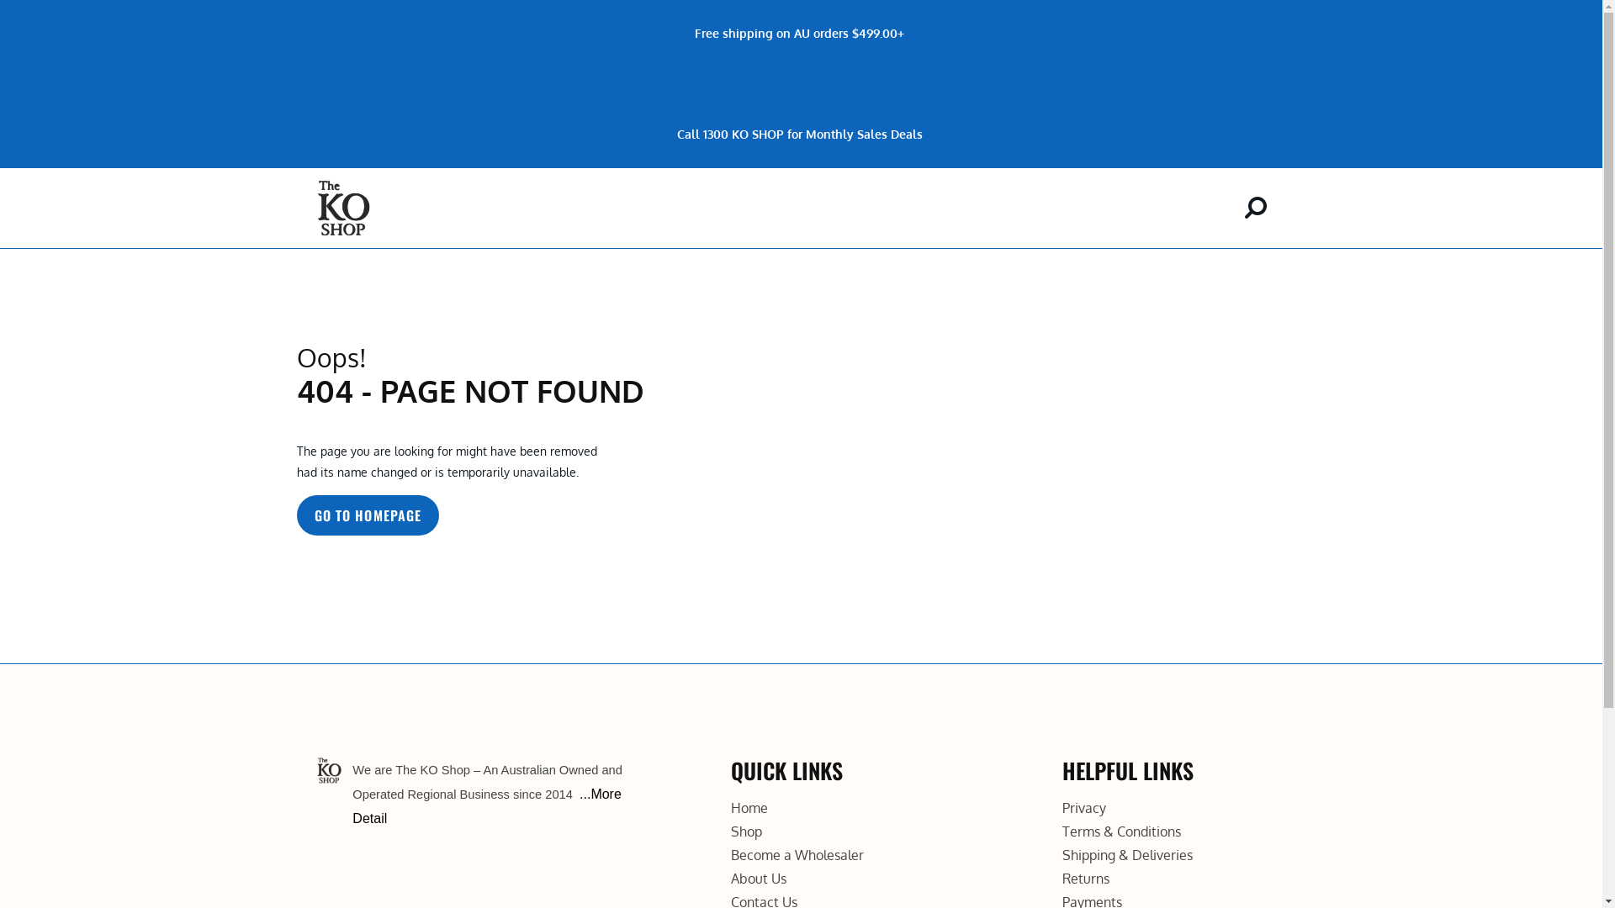  What do you see at coordinates (1121, 830) in the screenshot?
I see `'Terms & Conditions'` at bounding box center [1121, 830].